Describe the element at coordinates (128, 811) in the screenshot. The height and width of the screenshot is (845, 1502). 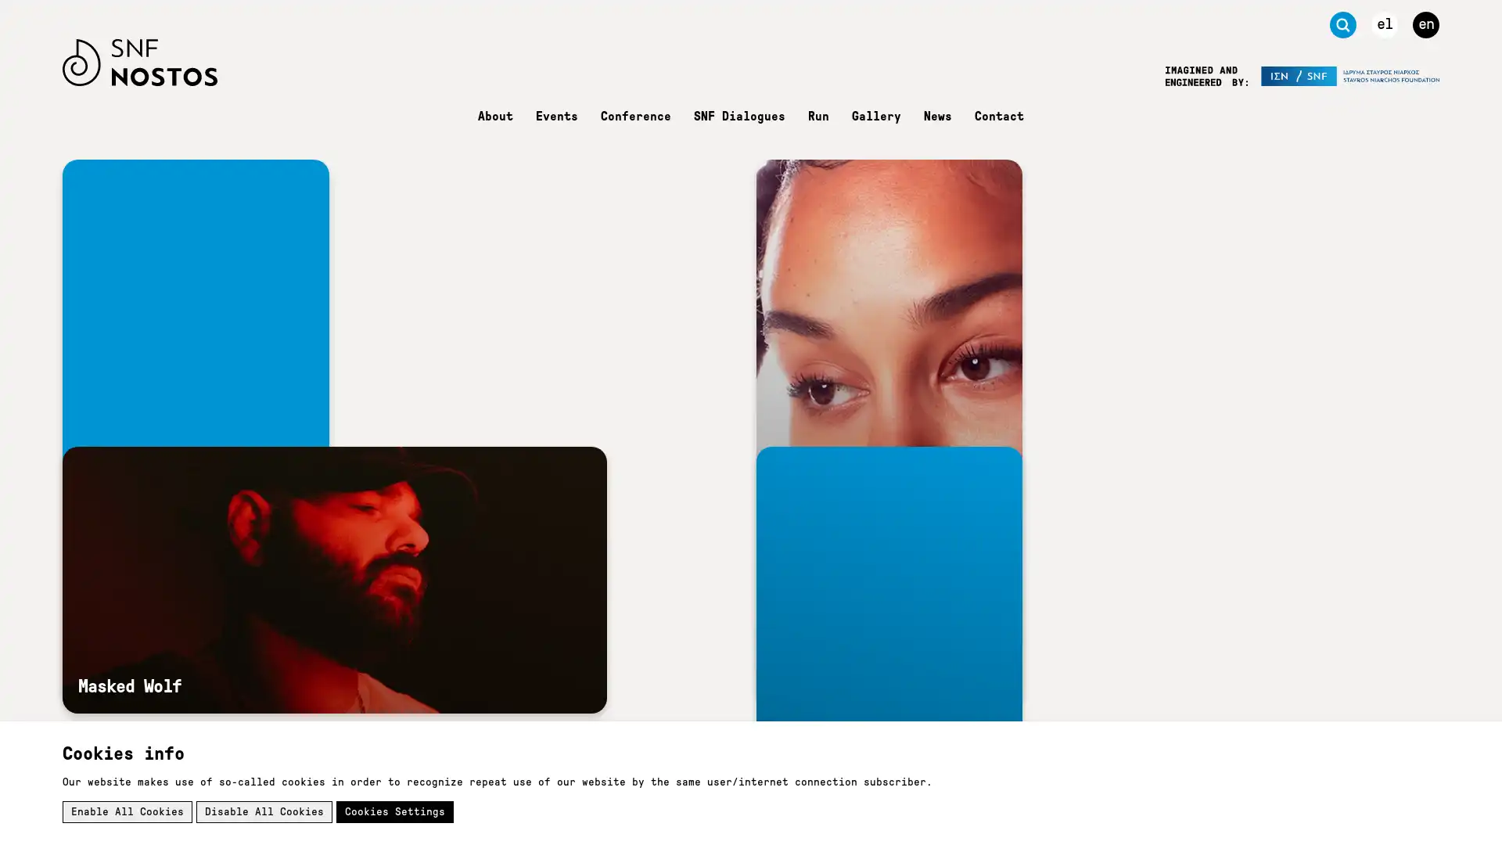
I see `Enable All Cookies` at that location.